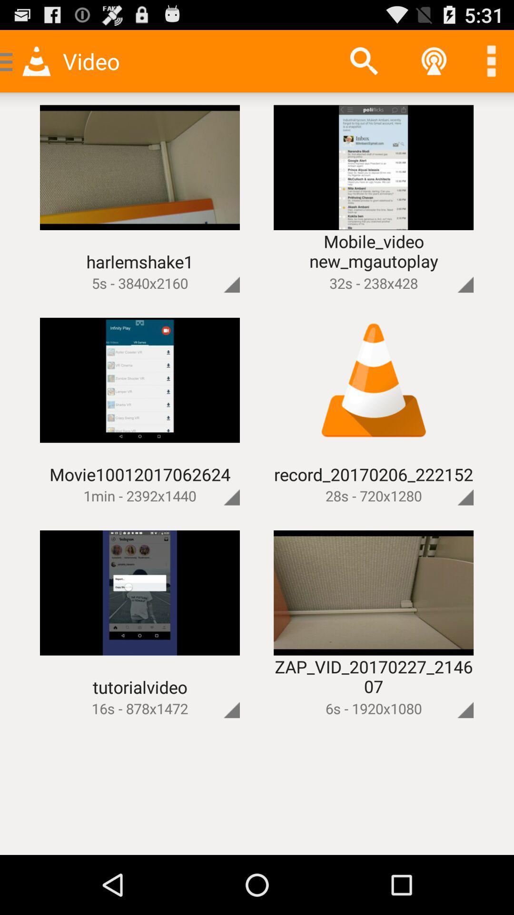 The image size is (514, 915). Describe the element at coordinates (364, 61) in the screenshot. I see `the item next to the video app` at that location.